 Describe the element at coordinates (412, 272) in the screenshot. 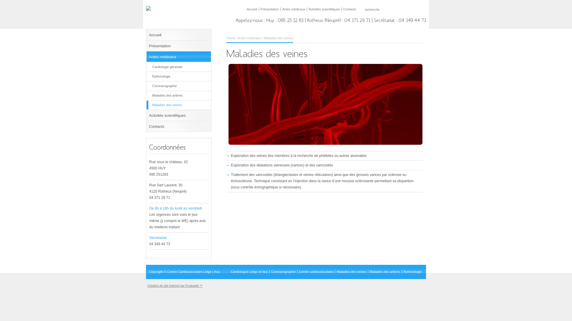

I see `'Rythmologie'` at that location.